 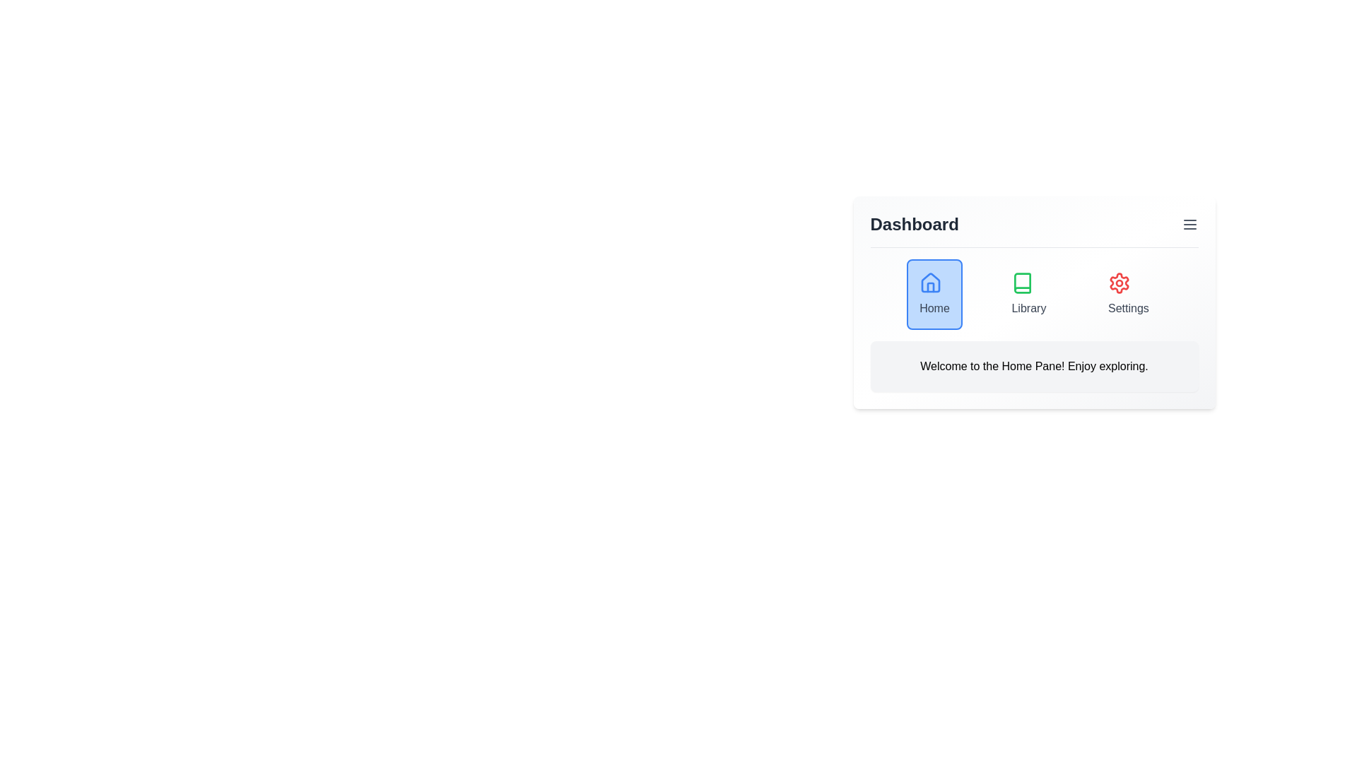 What do you see at coordinates (934, 307) in the screenshot?
I see `text label displaying 'Home', which is styled in gray and positioned within a blue button located towards the left side of a horizontal list of buttons` at bounding box center [934, 307].